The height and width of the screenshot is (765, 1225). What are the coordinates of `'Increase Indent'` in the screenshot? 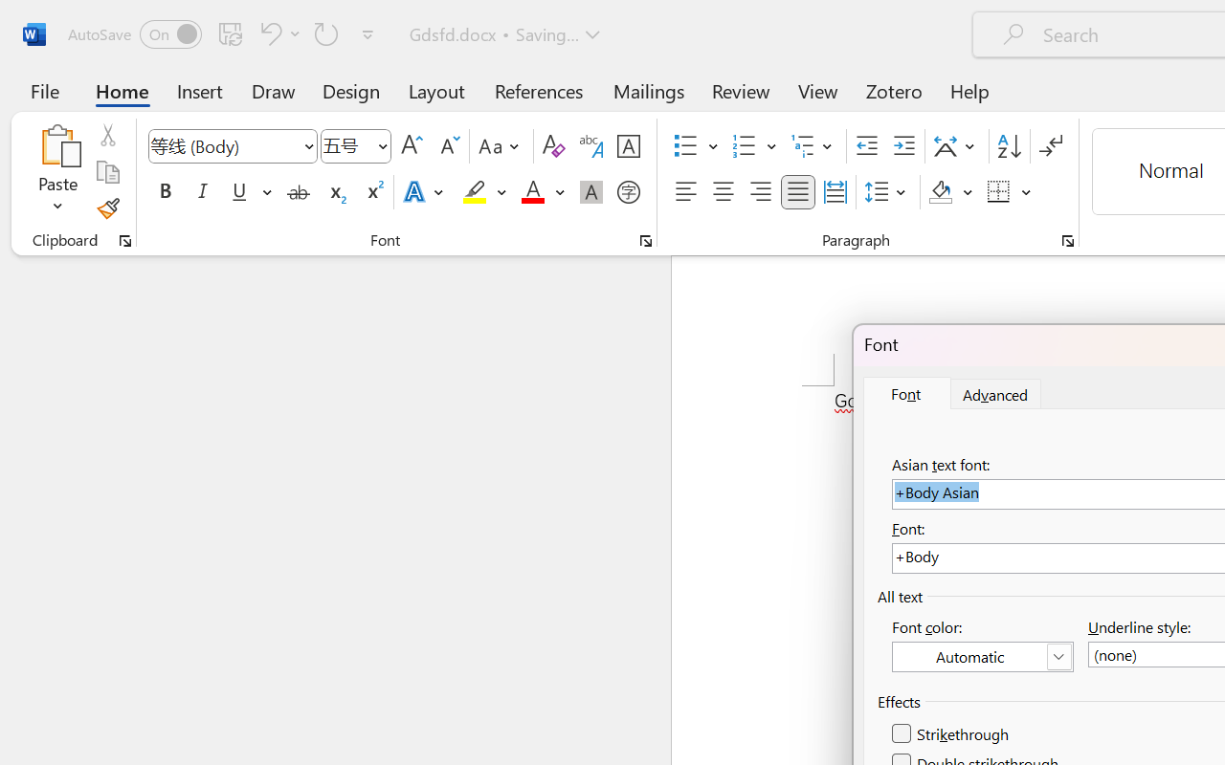 It's located at (902, 146).